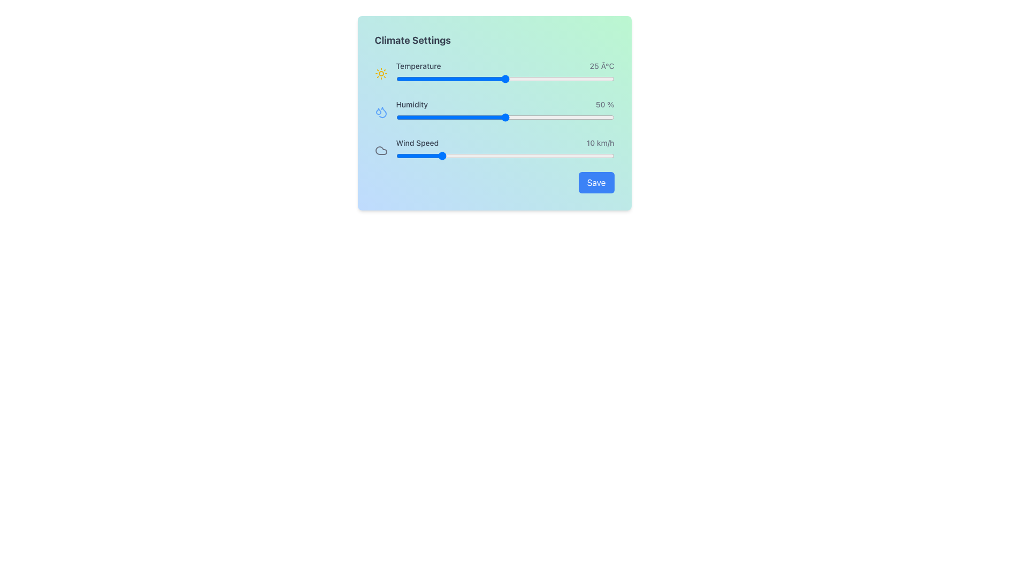  I want to click on the slider, so click(540, 78).